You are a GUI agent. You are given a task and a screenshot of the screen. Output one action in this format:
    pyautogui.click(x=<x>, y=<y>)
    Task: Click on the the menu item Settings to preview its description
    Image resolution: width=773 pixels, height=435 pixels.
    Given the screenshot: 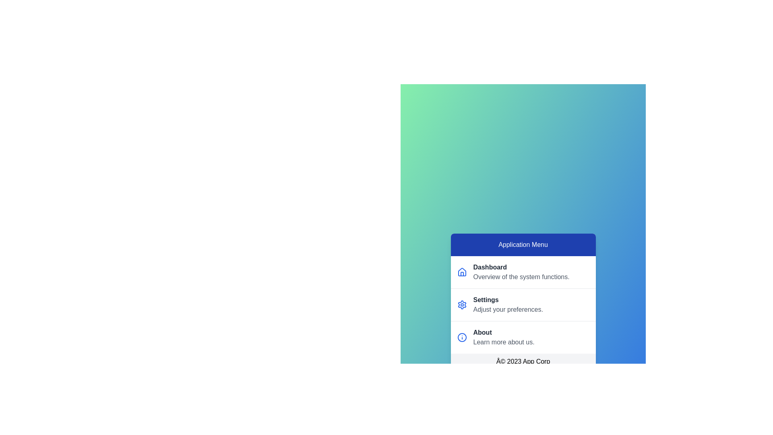 What is the action you would take?
    pyautogui.click(x=523, y=304)
    